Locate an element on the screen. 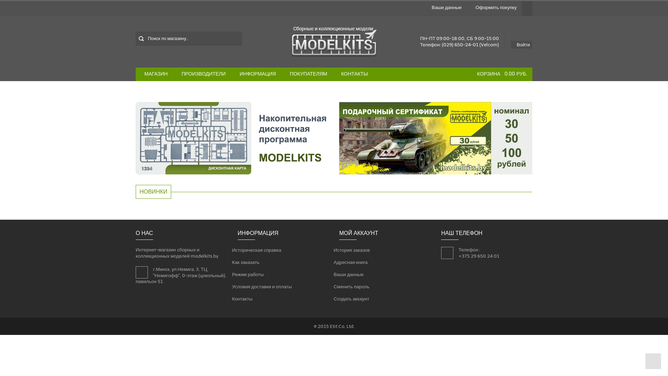 This screenshot has height=376, width=668. 'Back to Top' is located at coordinates (653, 361).